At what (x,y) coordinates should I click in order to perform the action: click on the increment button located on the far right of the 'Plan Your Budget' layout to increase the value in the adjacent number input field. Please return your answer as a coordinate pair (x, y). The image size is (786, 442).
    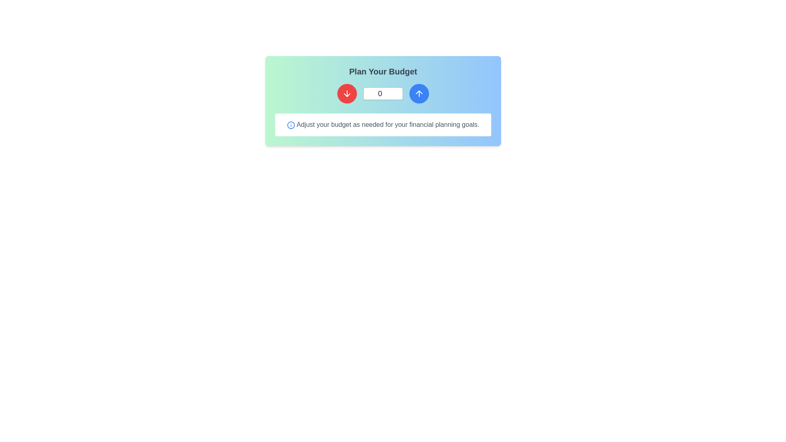
    Looking at the image, I should click on (419, 93).